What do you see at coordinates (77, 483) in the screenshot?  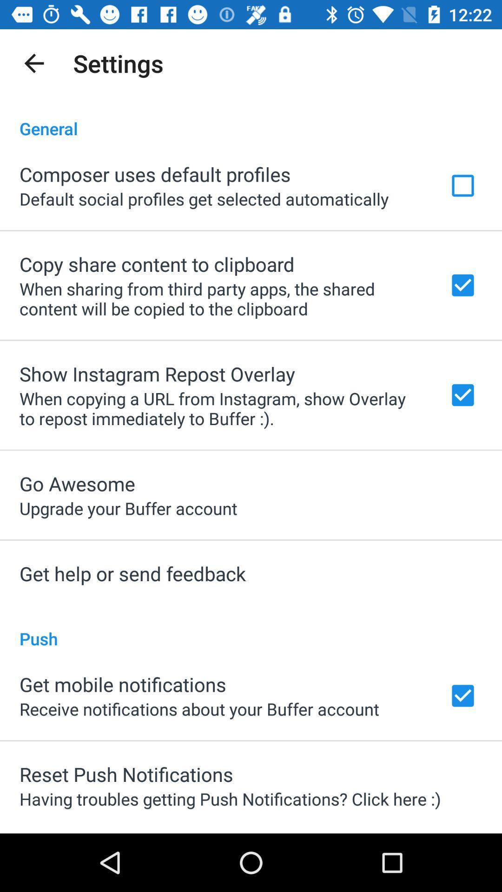 I see `icon above the upgrade your buffer item` at bounding box center [77, 483].